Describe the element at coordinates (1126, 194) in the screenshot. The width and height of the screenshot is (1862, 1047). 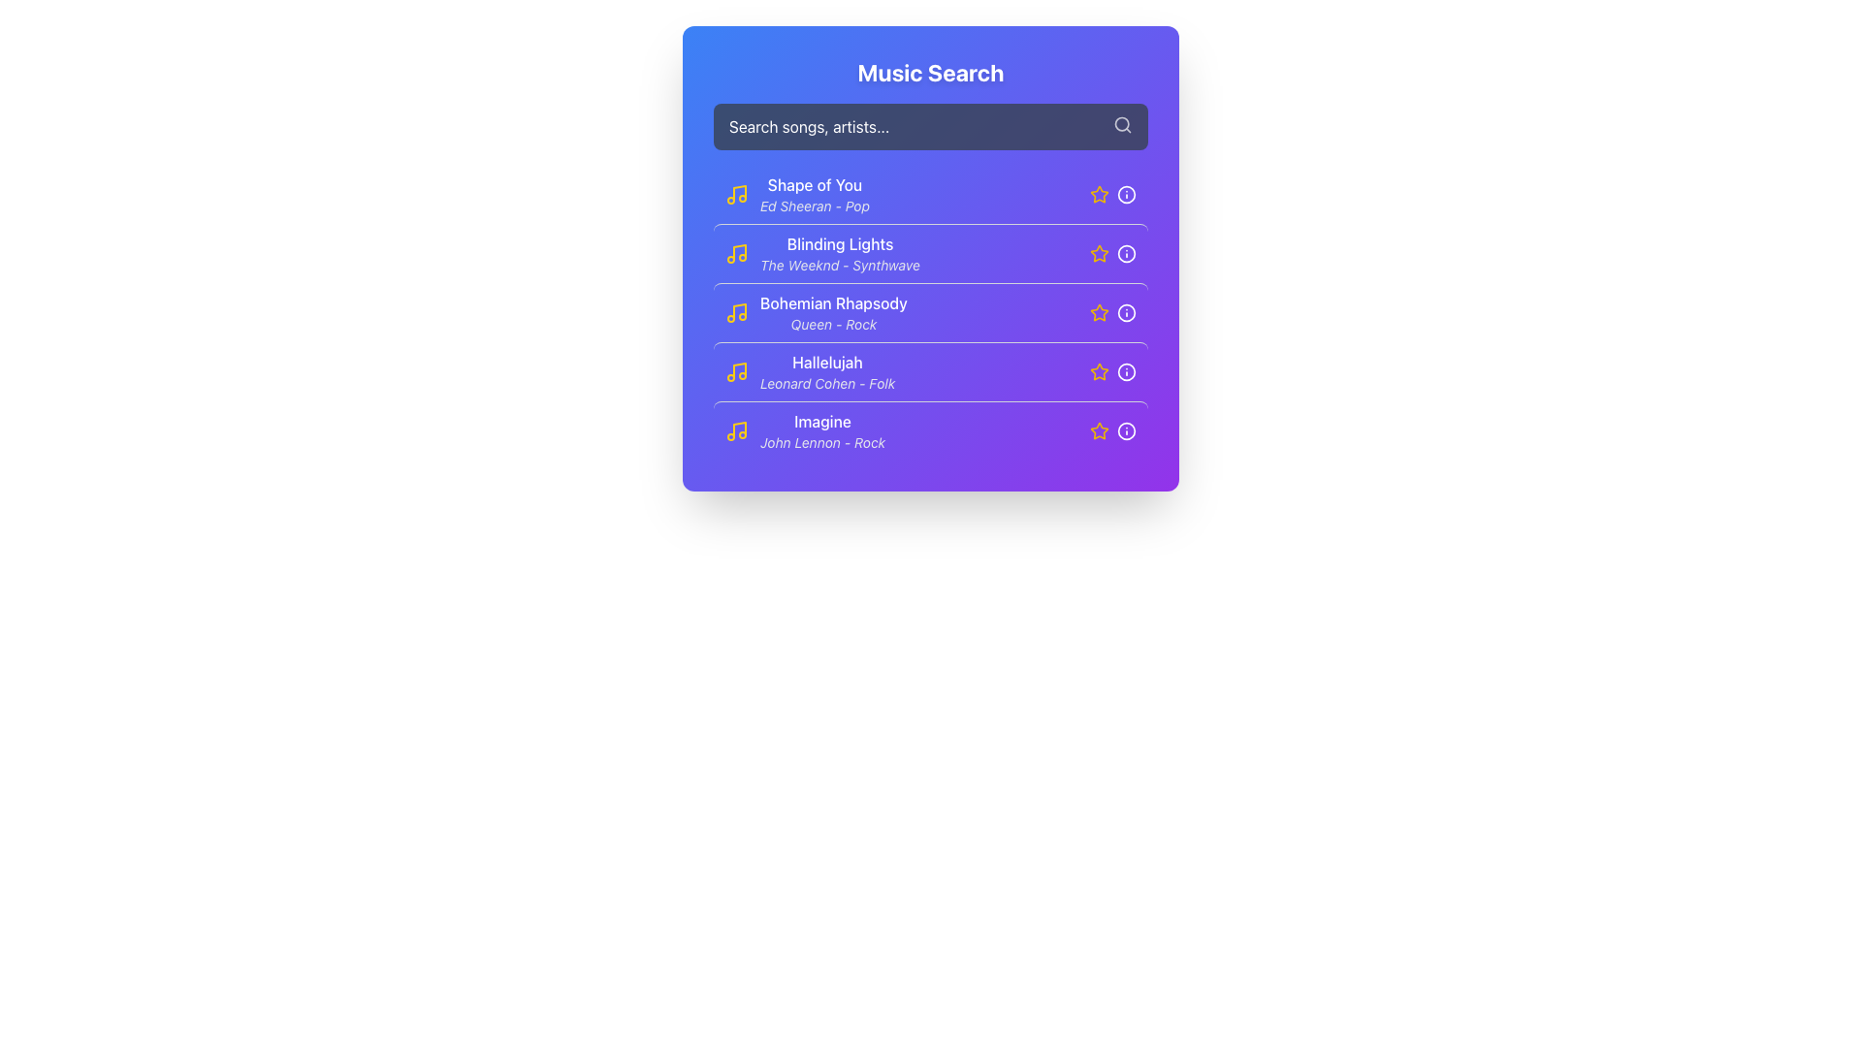
I see `the circular information icon button with a white outline and center, located to the far right of the 'Shape of You' row` at that location.